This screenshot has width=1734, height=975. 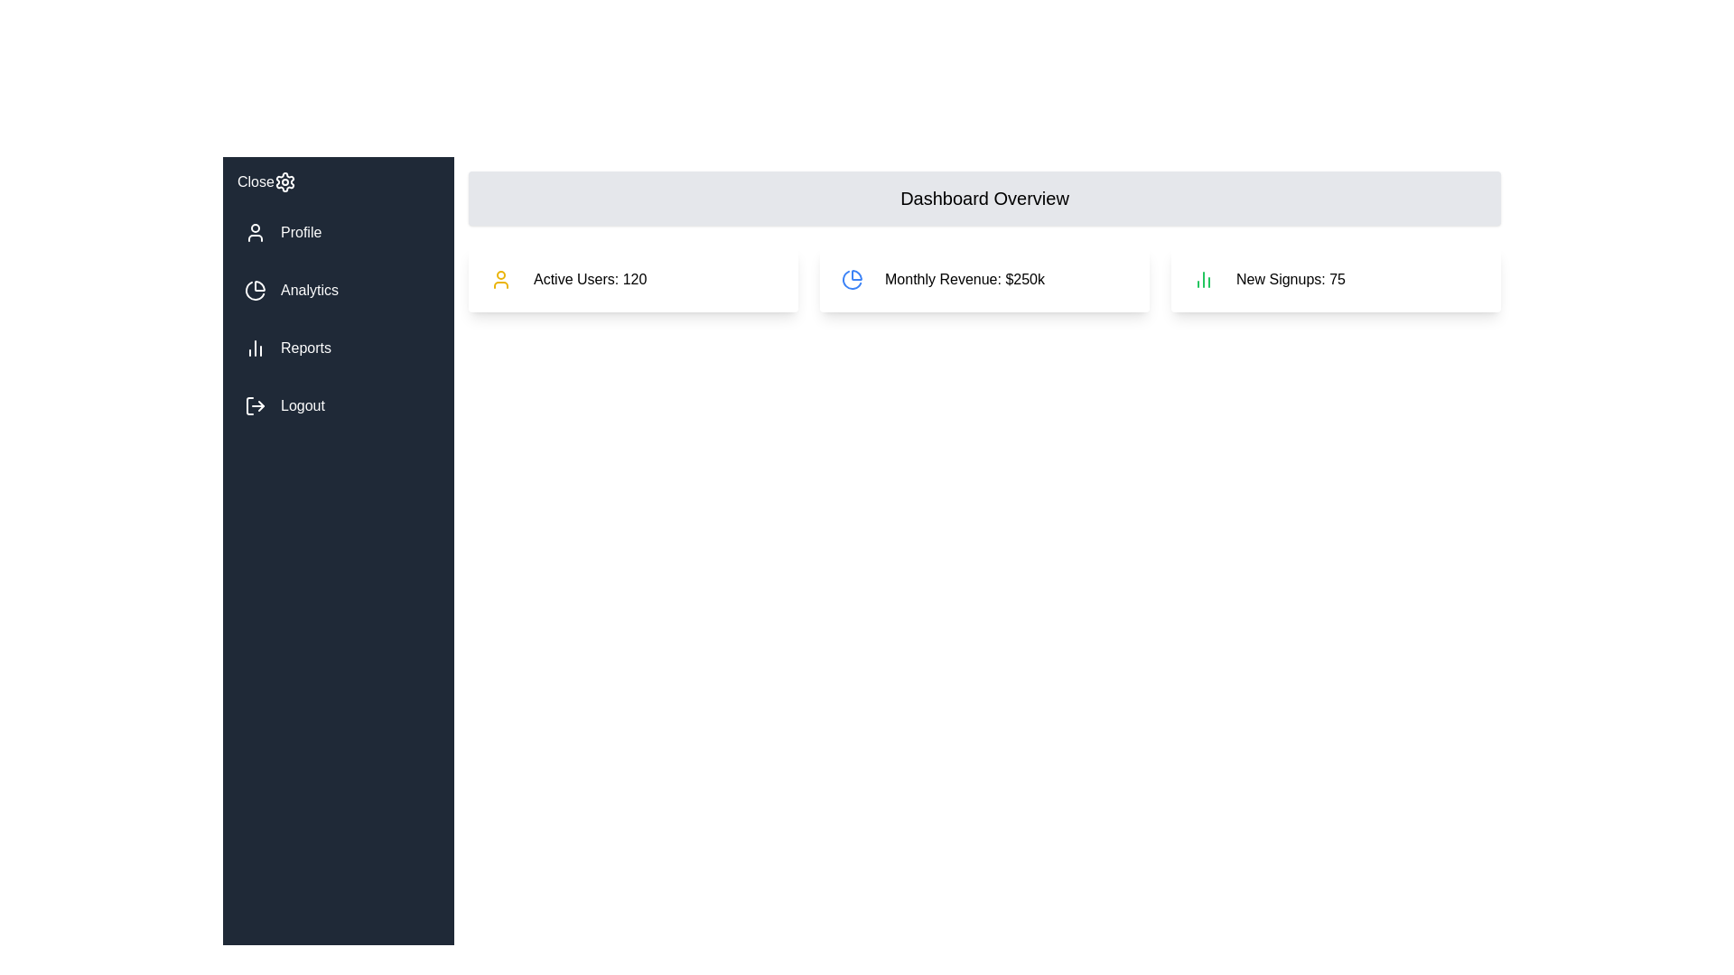 I want to click on the text label displaying the number of new signups (75) located in the Dashboard Overview section, specifically the third card on the right, next to the small green bar chart icon, so click(x=1290, y=279).